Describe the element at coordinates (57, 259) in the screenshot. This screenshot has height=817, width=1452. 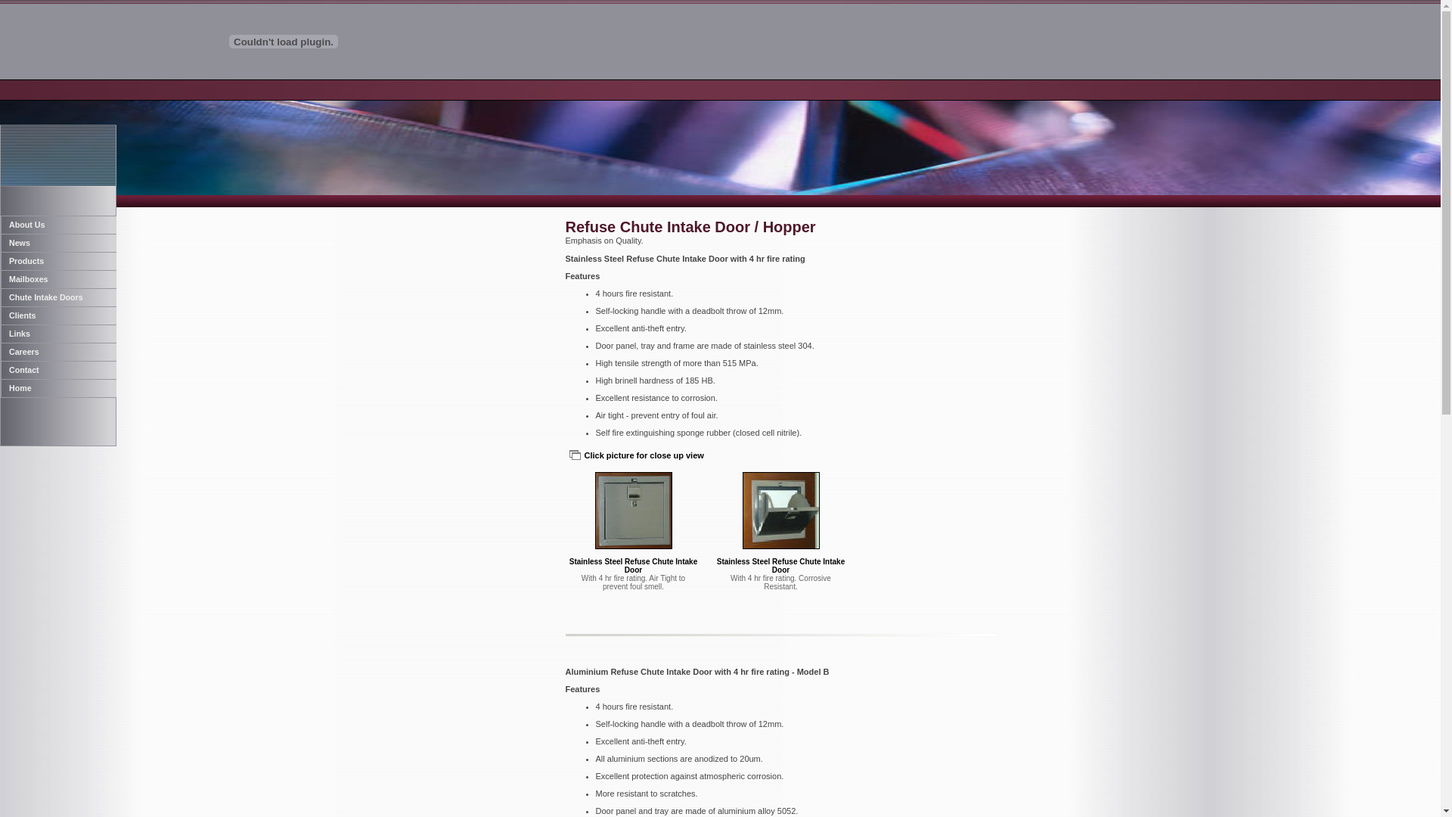
I see `'Products'` at that location.